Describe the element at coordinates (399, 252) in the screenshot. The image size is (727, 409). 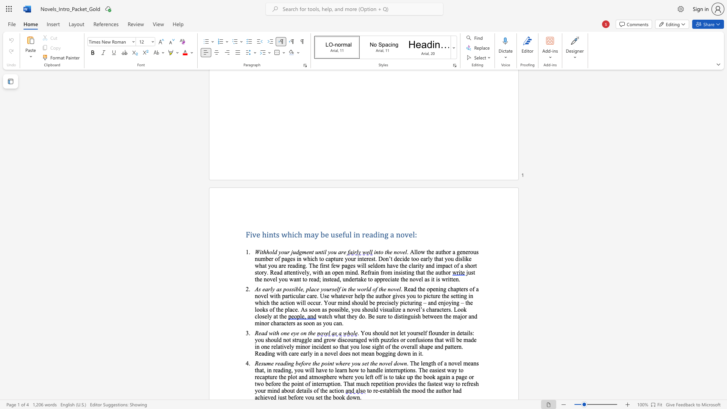
I see `the subset text "ve" within the text "into the novel"` at that location.